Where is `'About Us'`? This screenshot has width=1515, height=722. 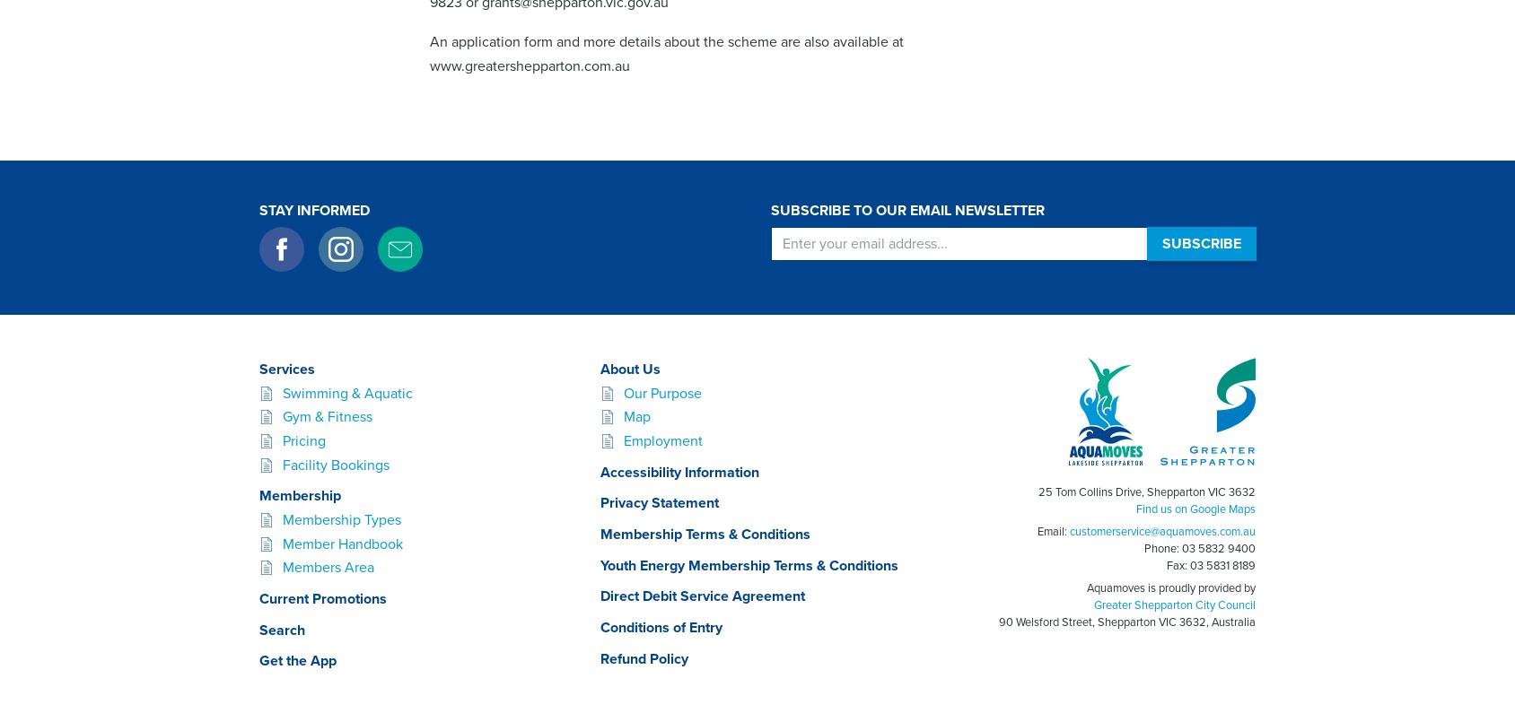 'About Us' is located at coordinates (629, 368).